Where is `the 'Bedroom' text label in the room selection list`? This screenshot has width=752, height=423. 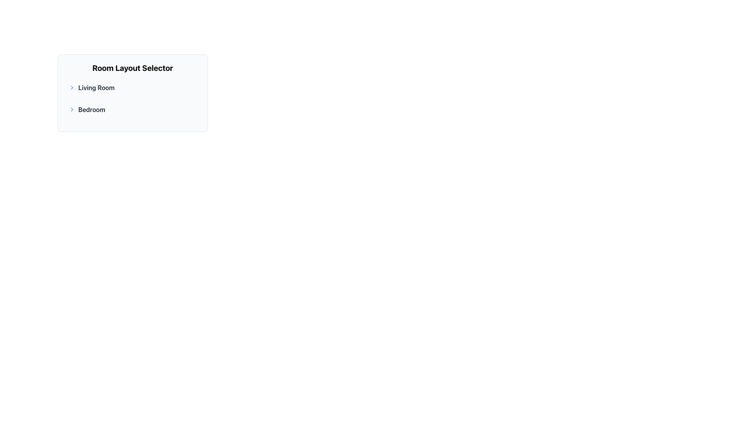 the 'Bedroom' text label in the room selection list is located at coordinates (92, 110).